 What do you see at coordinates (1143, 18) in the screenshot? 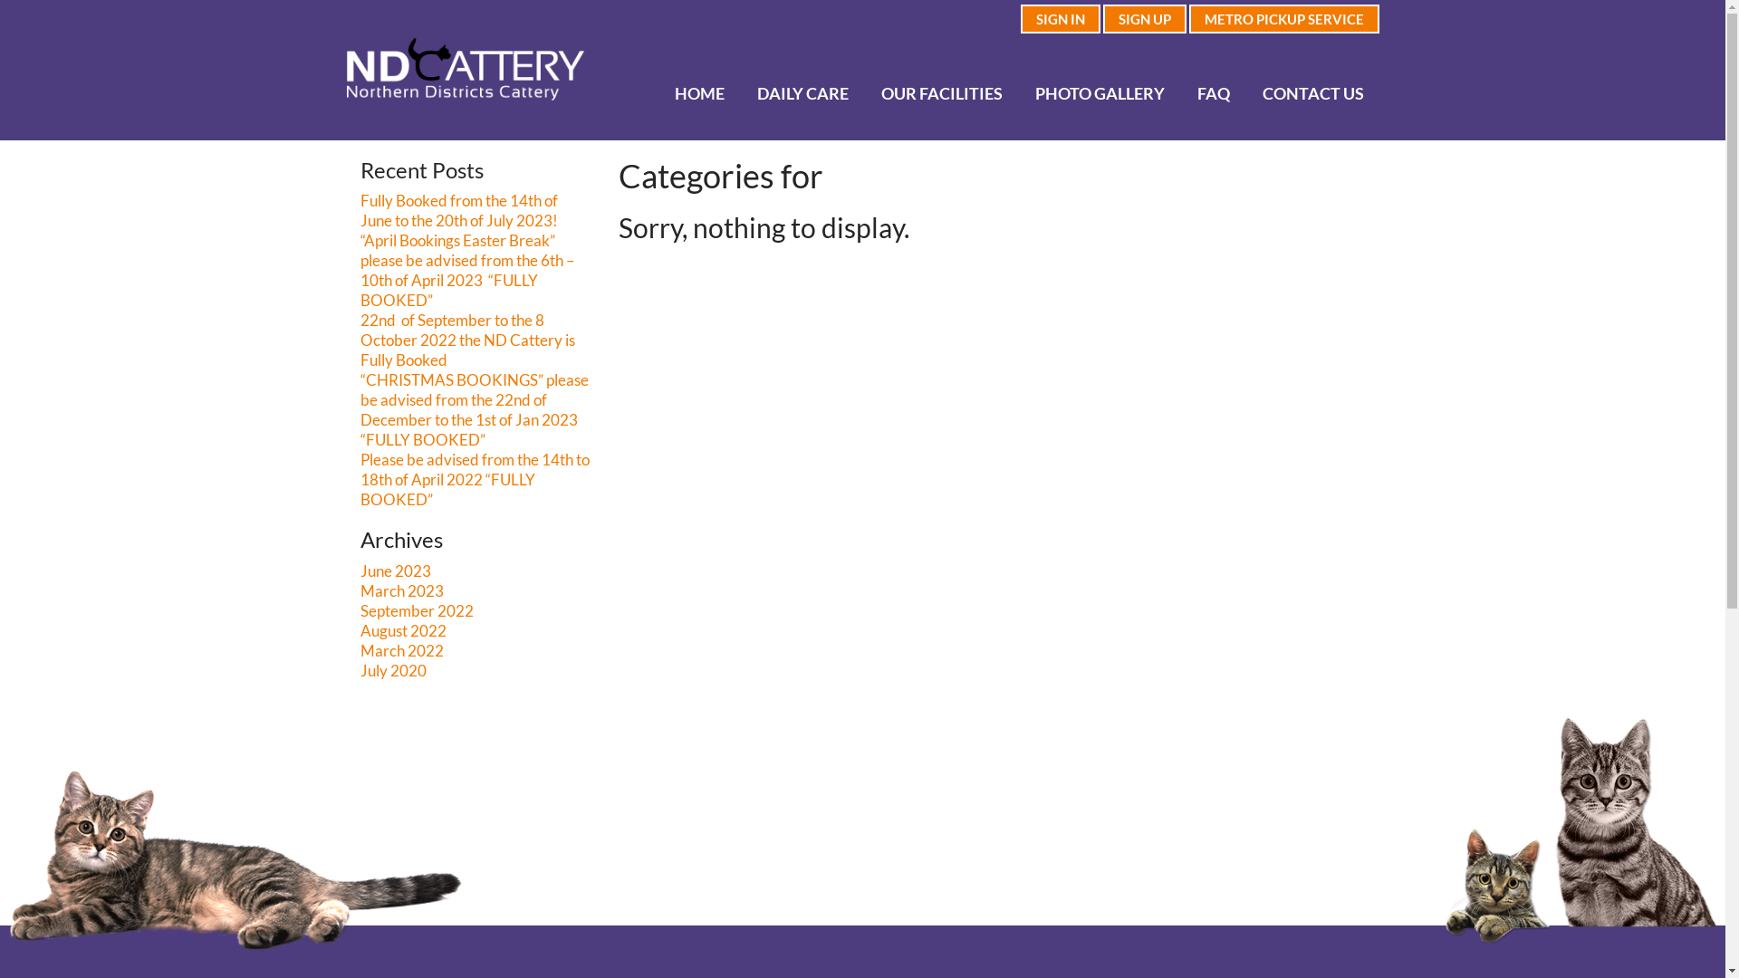
I see `'SIGN UP'` at bounding box center [1143, 18].